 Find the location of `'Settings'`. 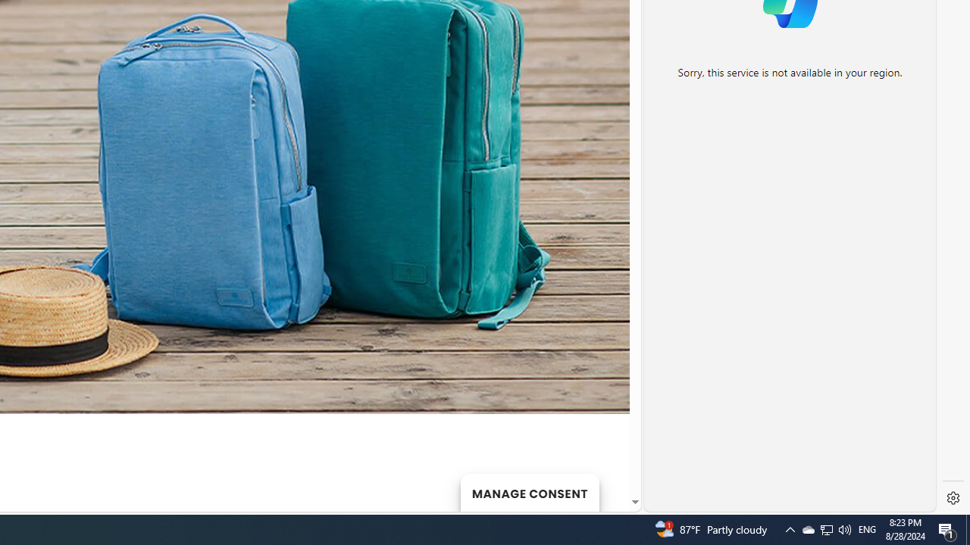

'Settings' is located at coordinates (953, 498).